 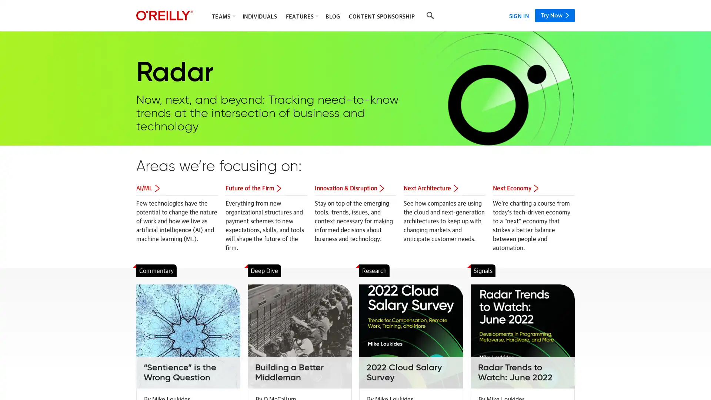 What do you see at coordinates (430, 16) in the screenshot?
I see `Search` at bounding box center [430, 16].